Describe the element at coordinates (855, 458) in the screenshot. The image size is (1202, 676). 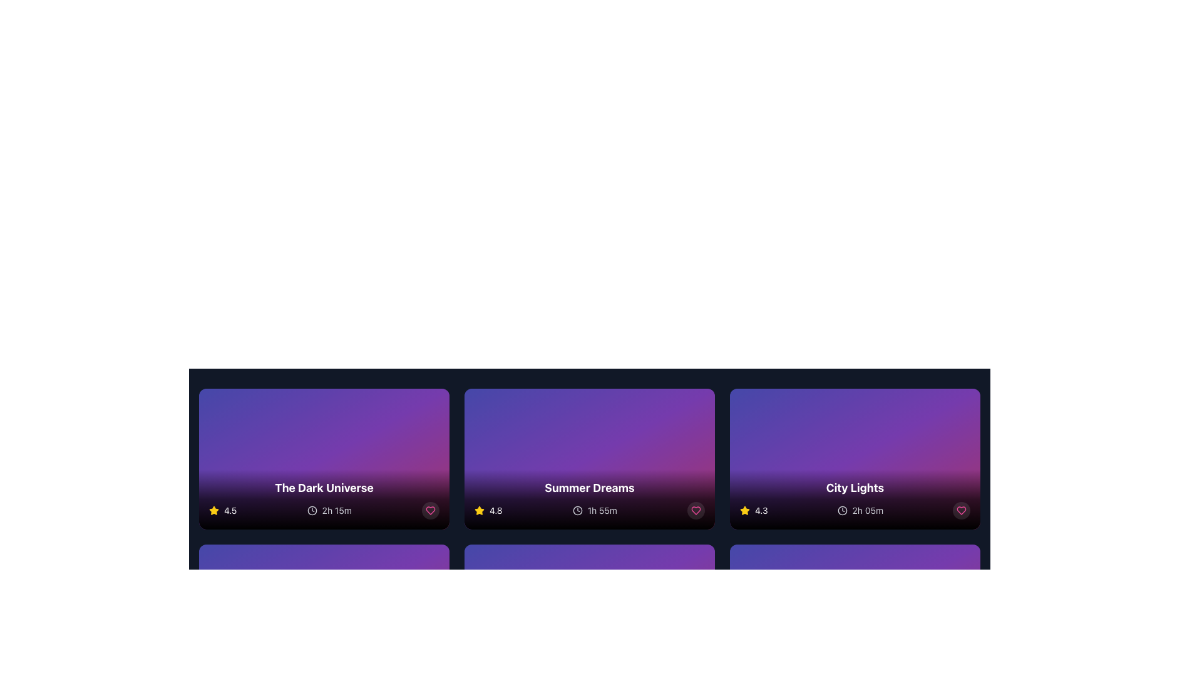
I see `the movie card located at the rightmost position of the top row` at that location.